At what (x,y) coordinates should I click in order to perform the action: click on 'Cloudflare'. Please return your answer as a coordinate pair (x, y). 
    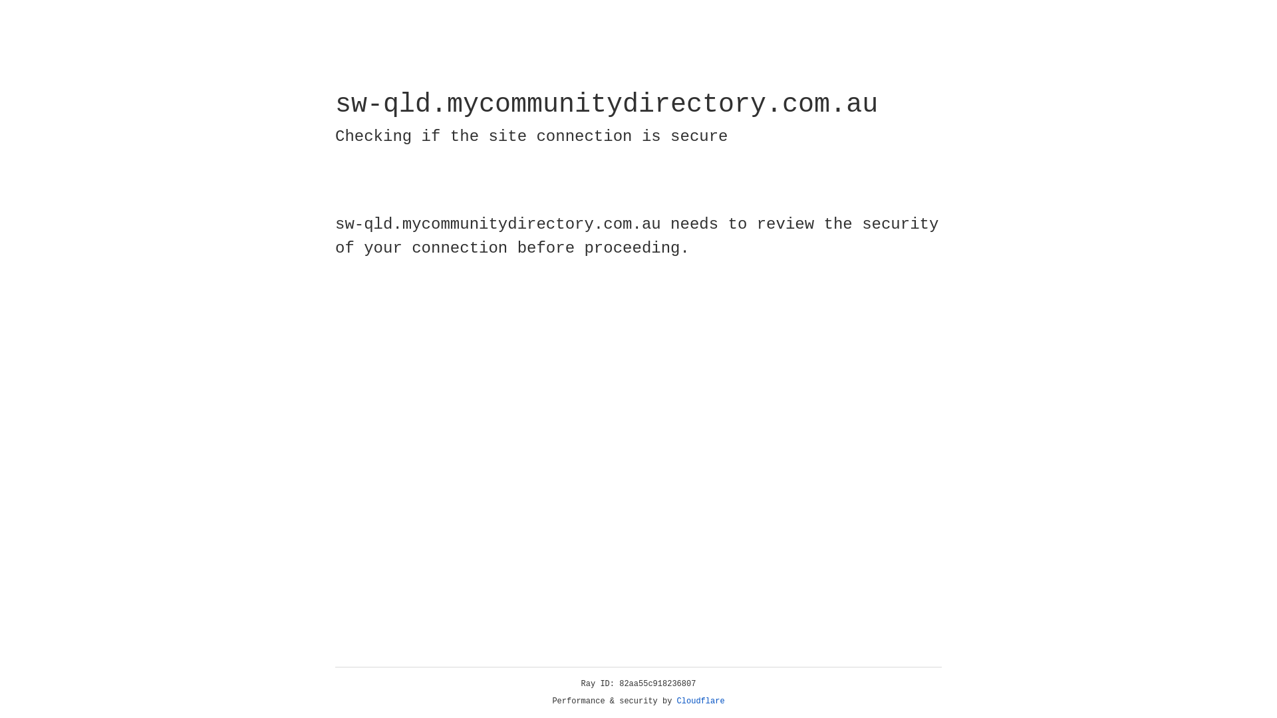
    Looking at the image, I should click on (700, 701).